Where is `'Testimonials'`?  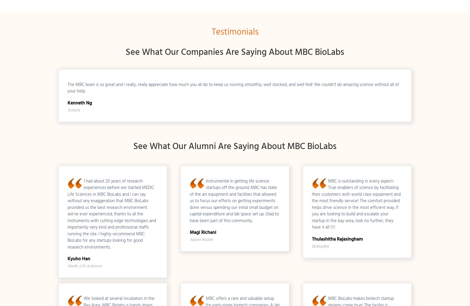 'Testimonials' is located at coordinates (211, 32).